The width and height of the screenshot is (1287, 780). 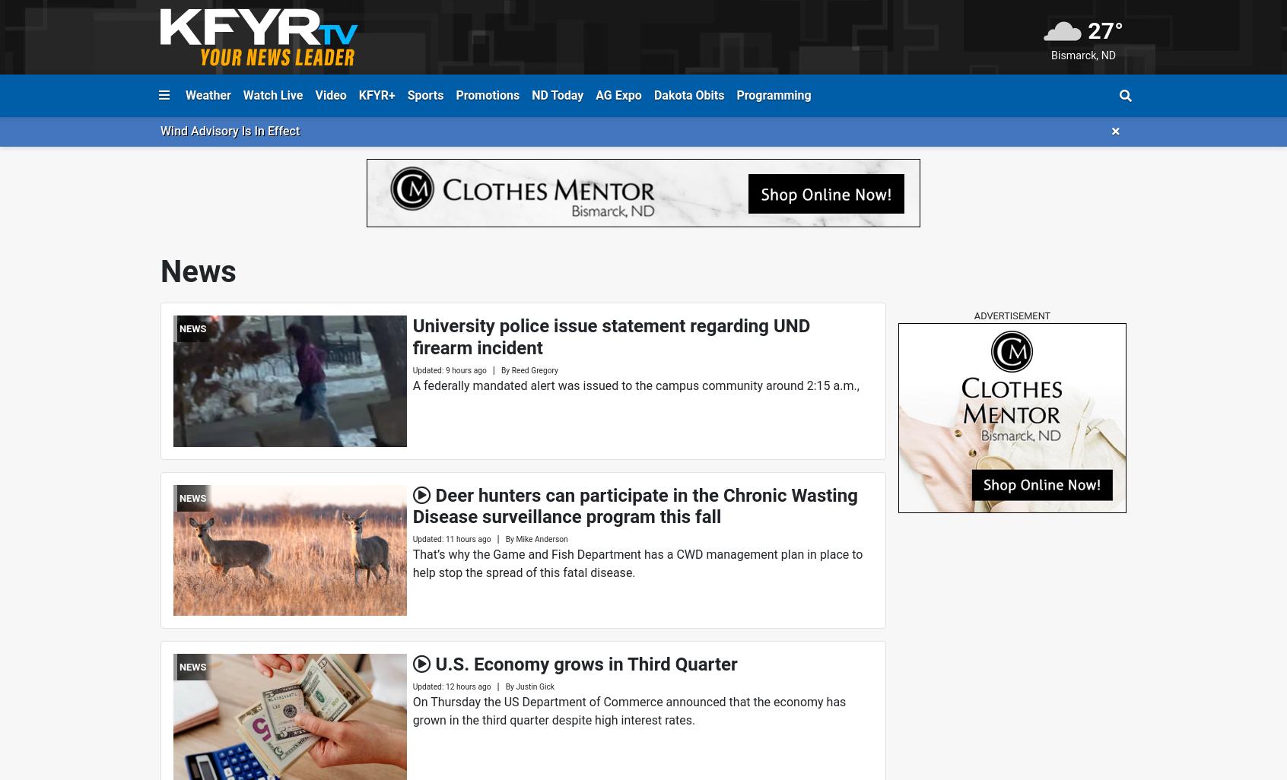 I want to click on 'That’s why the Game and Fish Department has a CWD management plan in place to help stop the spread of this fatal disease.', so click(x=637, y=563).